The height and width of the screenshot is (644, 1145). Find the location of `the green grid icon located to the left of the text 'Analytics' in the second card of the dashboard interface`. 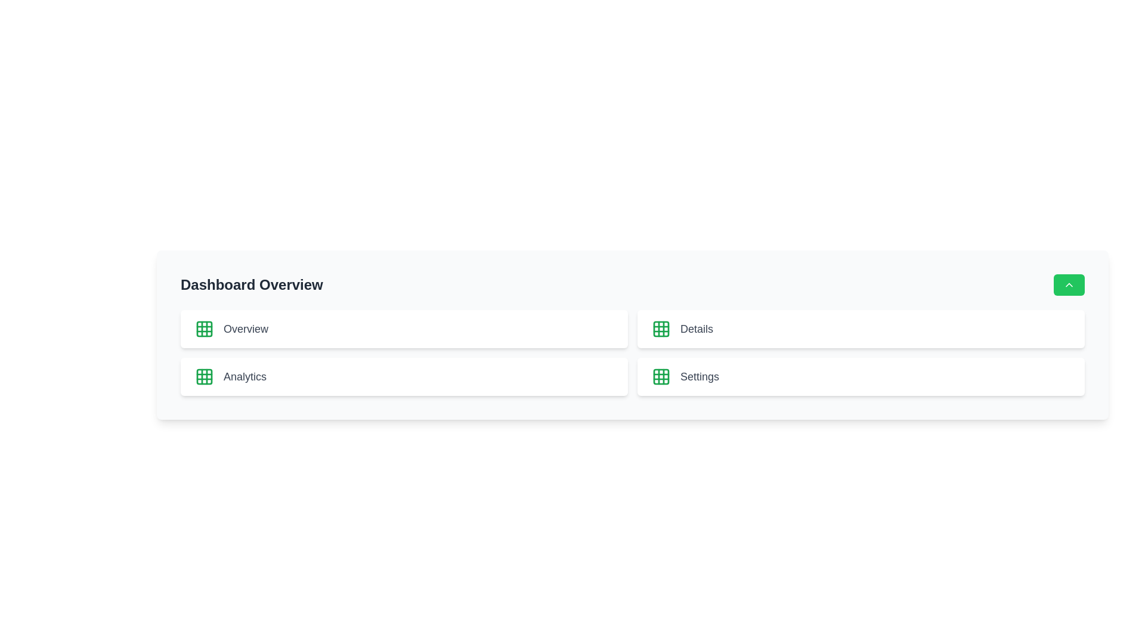

the green grid icon located to the left of the text 'Analytics' in the second card of the dashboard interface is located at coordinates (204, 377).